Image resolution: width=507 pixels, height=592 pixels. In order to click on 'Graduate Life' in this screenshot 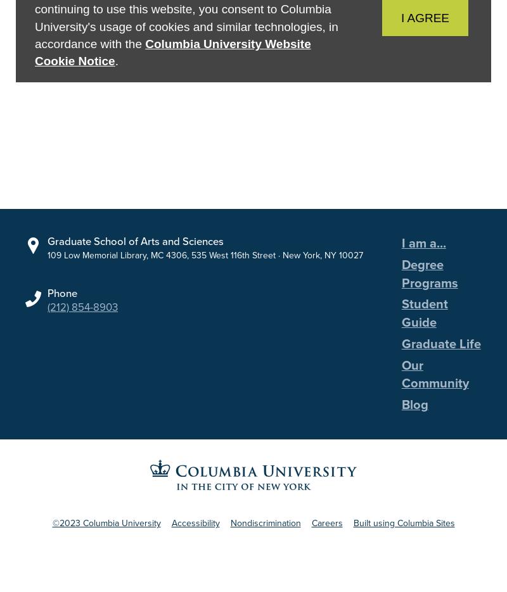, I will do `click(440, 343)`.